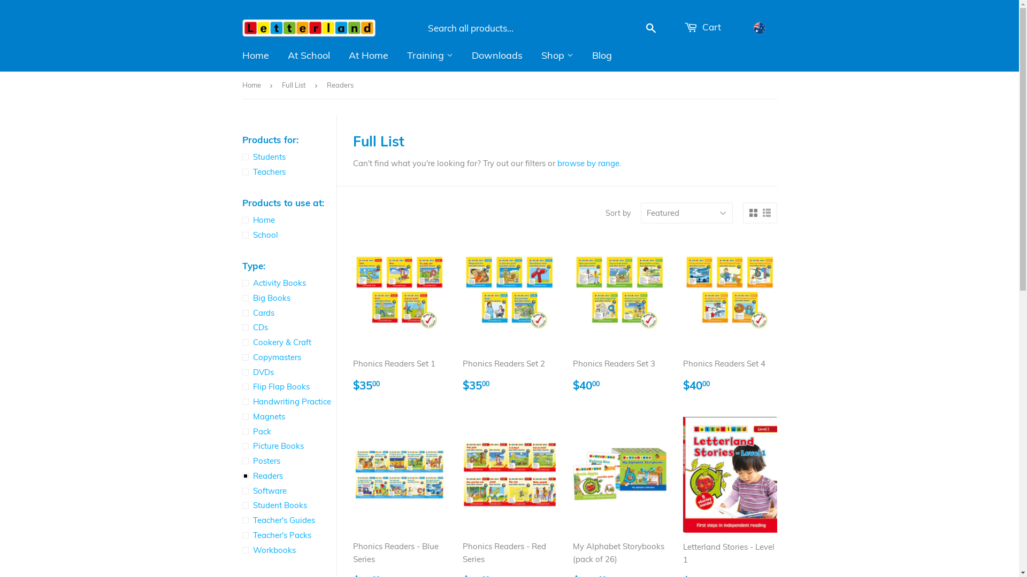  What do you see at coordinates (762, 213) in the screenshot?
I see `'List view'` at bounding box center [762, 213].